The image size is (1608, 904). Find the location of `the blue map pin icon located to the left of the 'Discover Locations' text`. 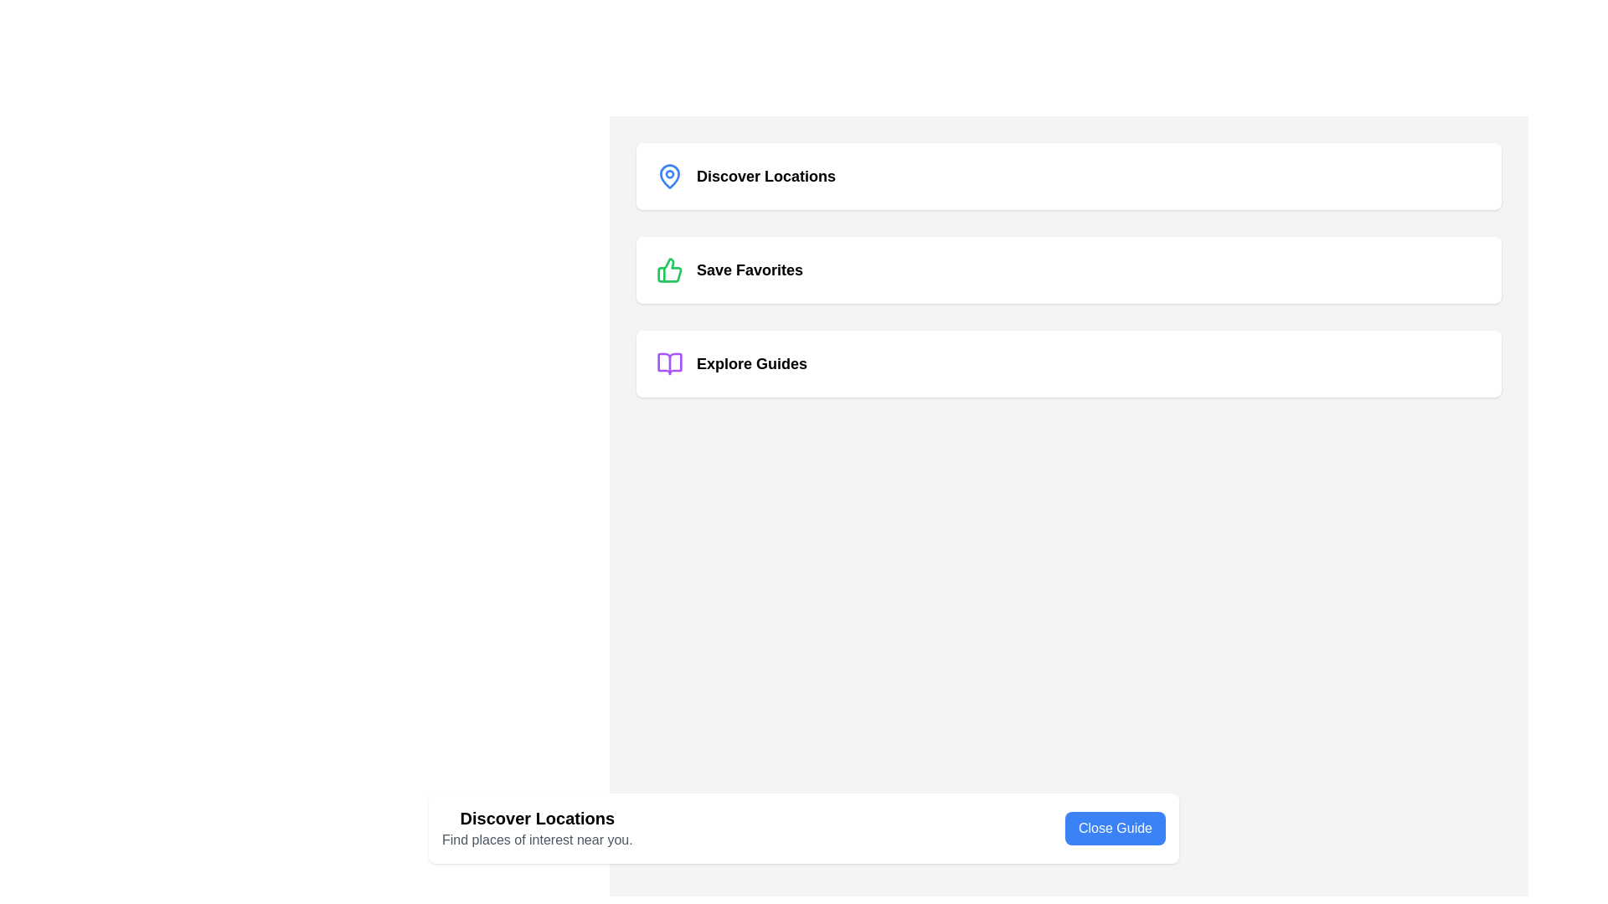

the blue map pin icon located to the left of the 'Discover Locations' text is located at coordinates (670, 177).